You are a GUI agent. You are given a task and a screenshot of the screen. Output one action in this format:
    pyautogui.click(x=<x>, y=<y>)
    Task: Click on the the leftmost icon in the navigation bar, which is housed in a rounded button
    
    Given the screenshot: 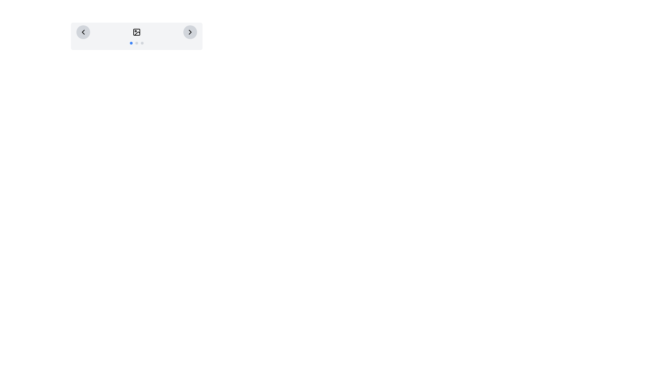 What is the action you would take?
    pyautogui.click(x=83, y=32)
    